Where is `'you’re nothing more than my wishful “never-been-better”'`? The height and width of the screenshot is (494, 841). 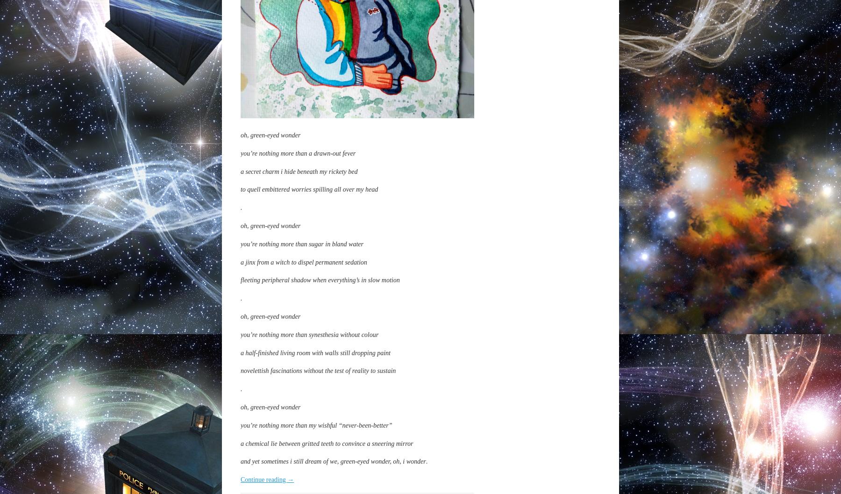 'you’re nothing more than my wishful “never-been-better”' is located at coordinates (315, 425).